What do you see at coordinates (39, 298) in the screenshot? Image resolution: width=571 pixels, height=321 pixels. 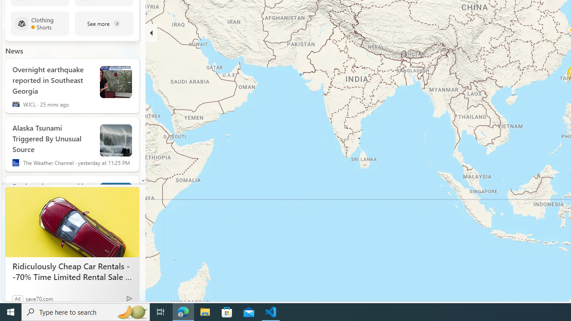 I see `'save70.com'` at bounding box center [39, 298].